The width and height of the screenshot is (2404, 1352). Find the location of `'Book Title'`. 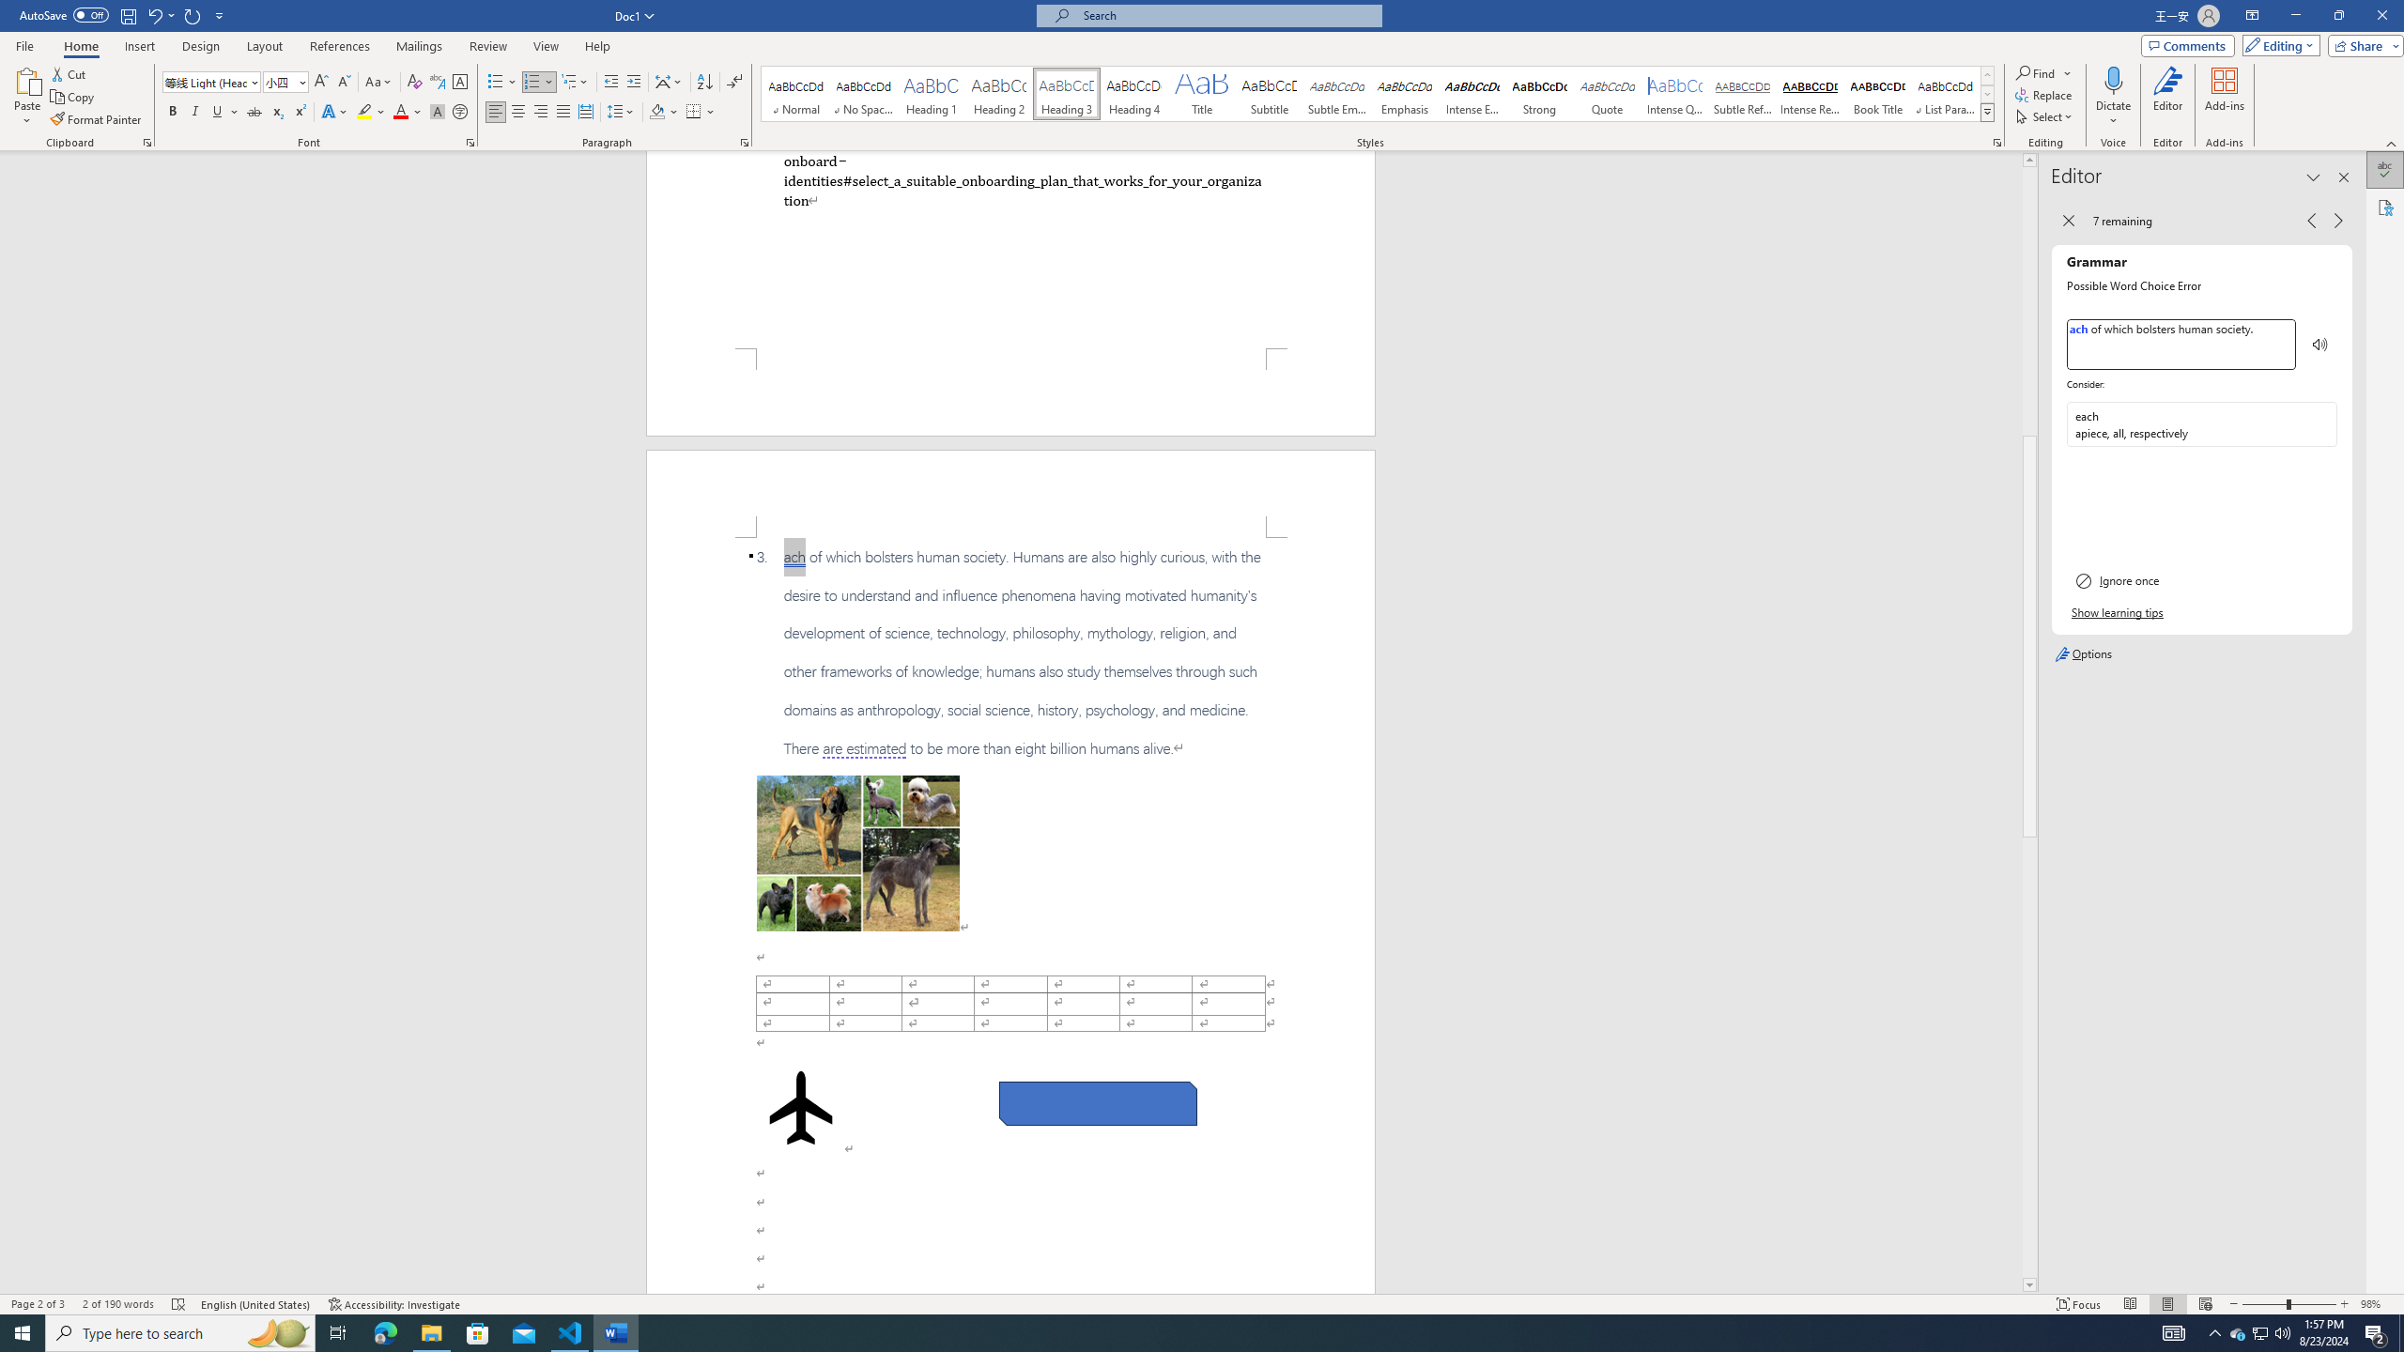

'Book Title' is located at coordinates (1876, 93).